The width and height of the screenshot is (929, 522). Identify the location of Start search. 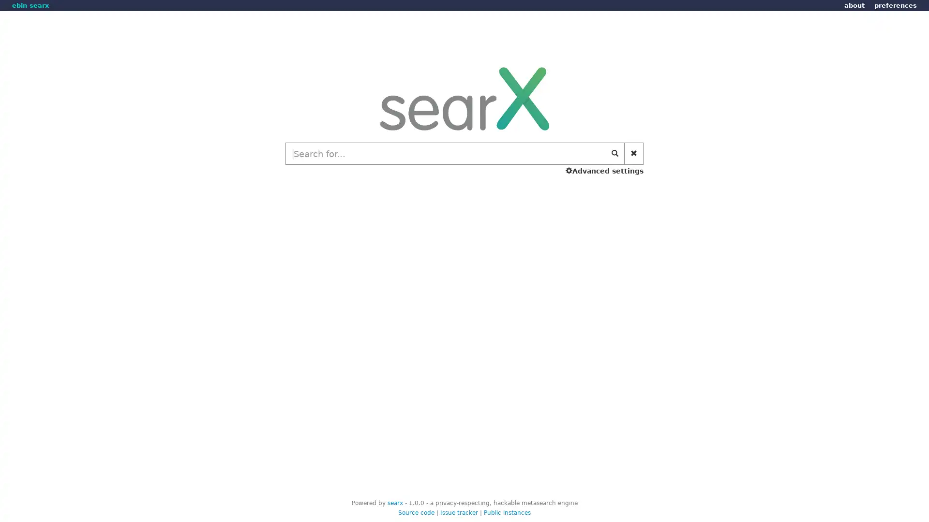
(614, 153).